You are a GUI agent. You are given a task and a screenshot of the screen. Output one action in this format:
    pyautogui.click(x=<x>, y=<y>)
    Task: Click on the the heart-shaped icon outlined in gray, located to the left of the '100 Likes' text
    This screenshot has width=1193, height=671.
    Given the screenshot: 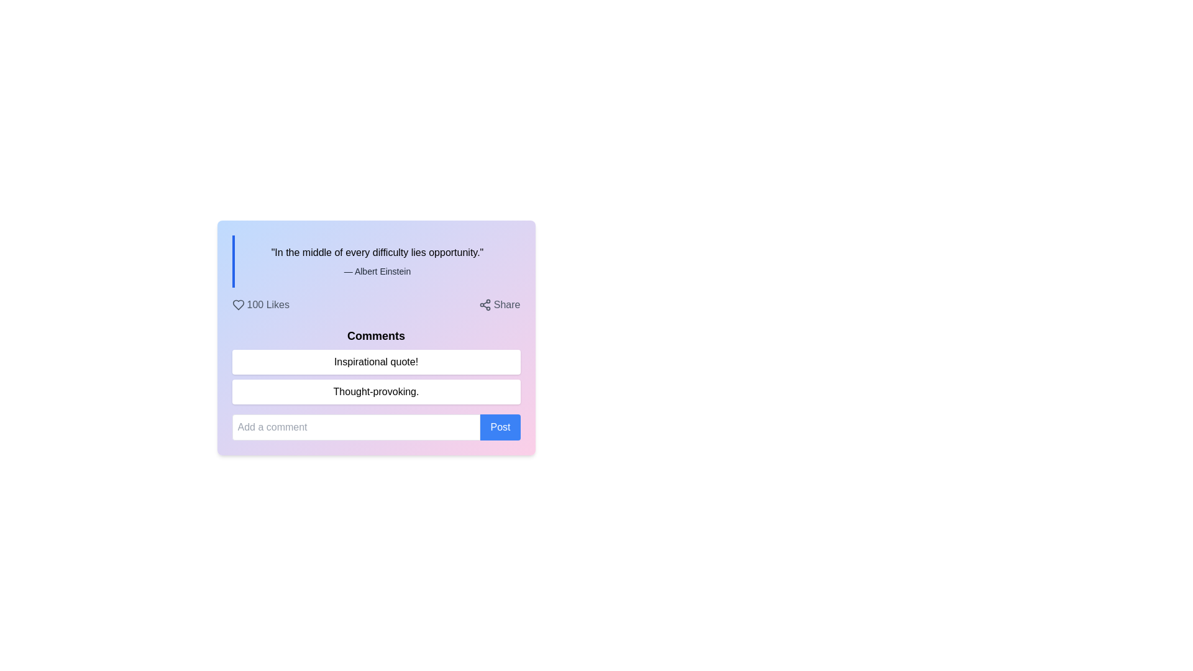 What is the action you would take?
    pyautogui.click(x=238, y=304)
    